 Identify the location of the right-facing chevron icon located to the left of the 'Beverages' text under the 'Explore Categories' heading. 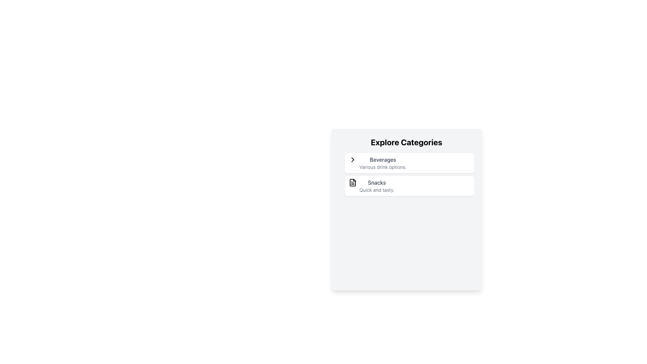
(353, 160).